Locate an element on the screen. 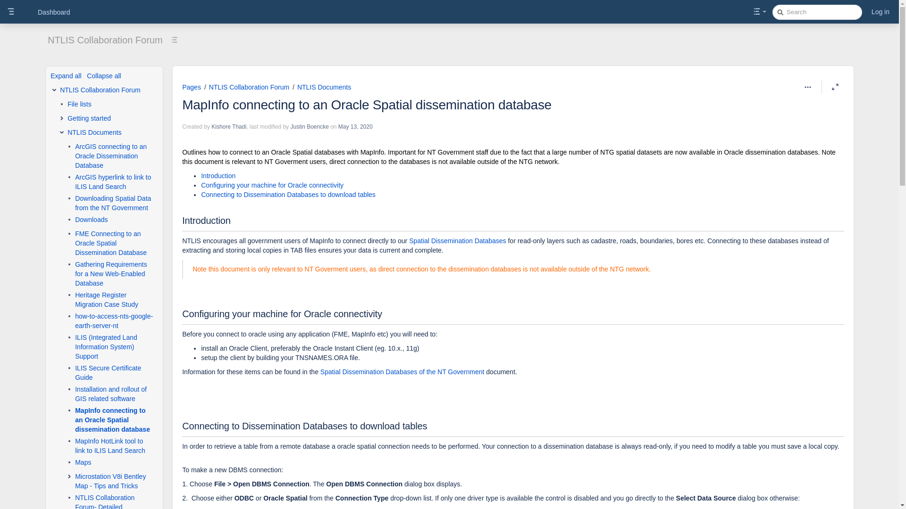  'ILIS (Integrated Land Information System) Support' is located at coordinates (114, 347).